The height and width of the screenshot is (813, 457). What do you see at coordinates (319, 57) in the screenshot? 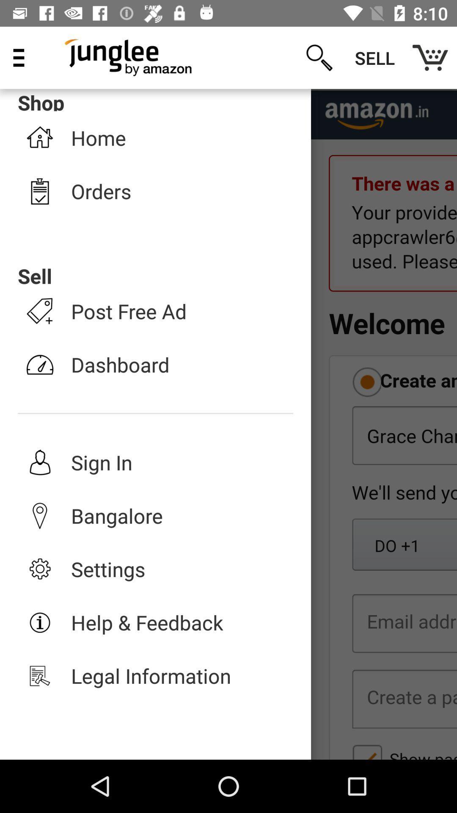
I see `the item next to the sell` at bounding box center [319, 57].